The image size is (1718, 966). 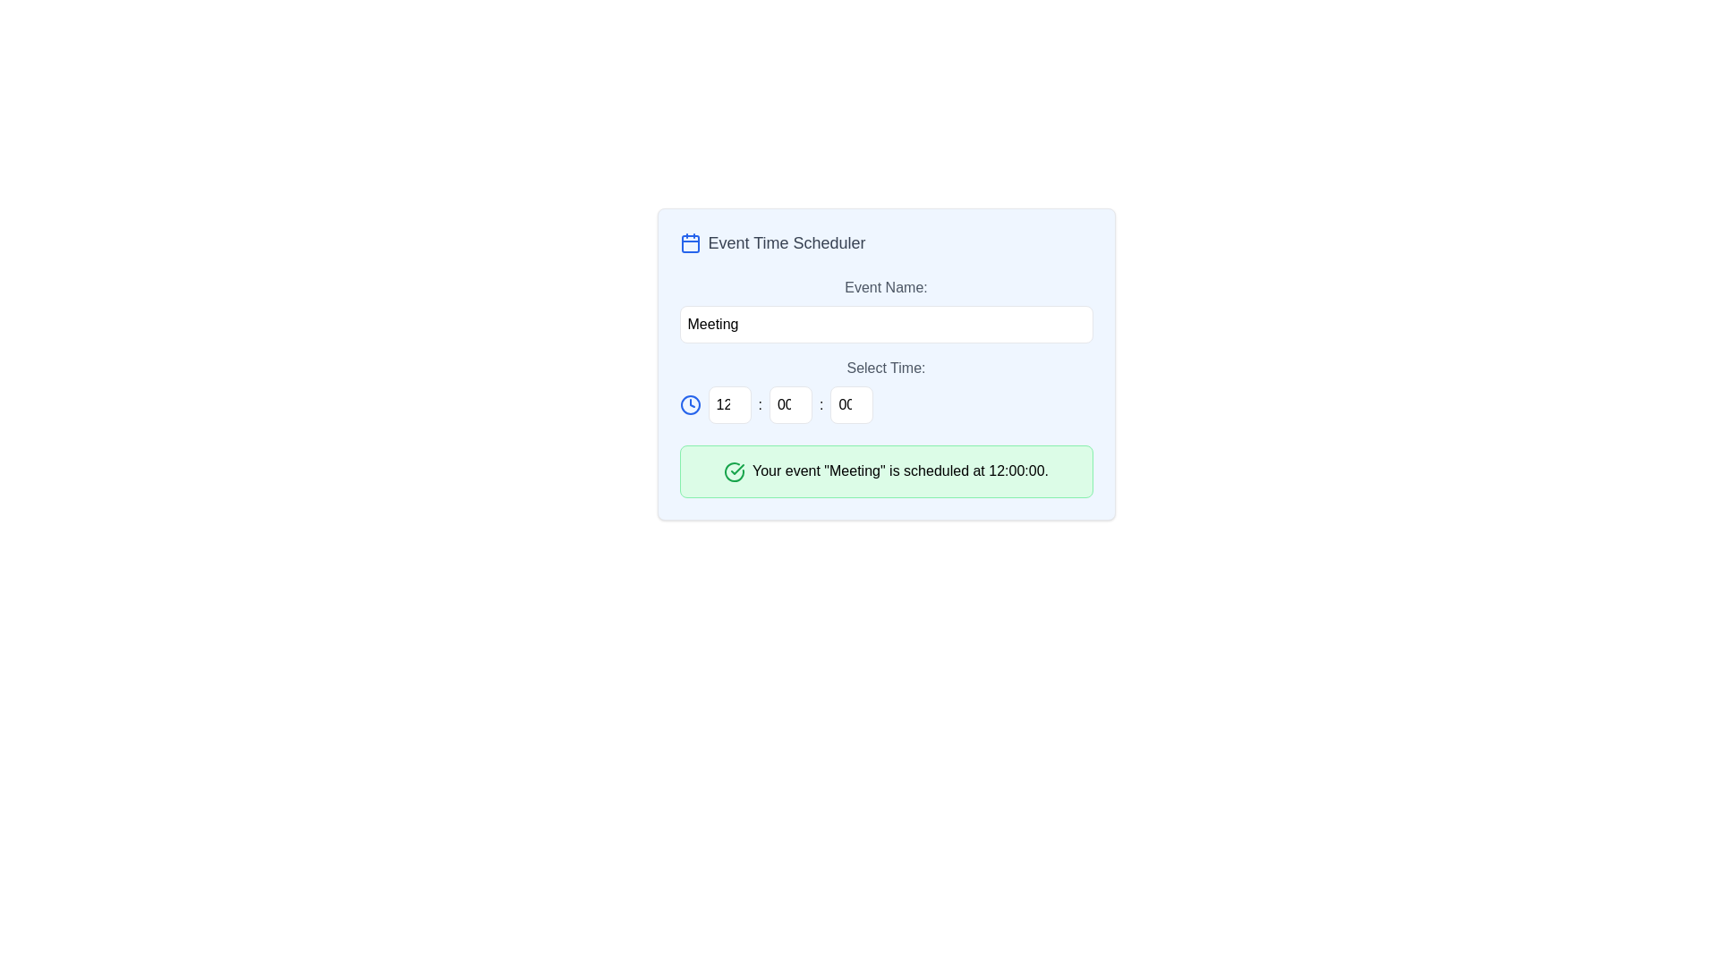 I want to click on the third colon separator in the 'Select Time' section, which visually divides the hour, minute, and second input fields, so click(x=821, y=404).